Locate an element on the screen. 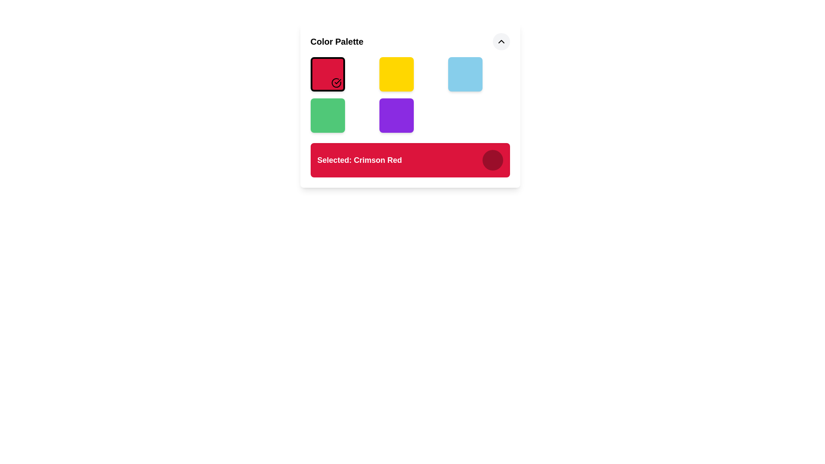 The height and width of the screenshot is (464, 825). the small checkmark icon located in the bottom-right corner of the red square in the top-left position of the color palette grid is located at coordinates (337, 81).